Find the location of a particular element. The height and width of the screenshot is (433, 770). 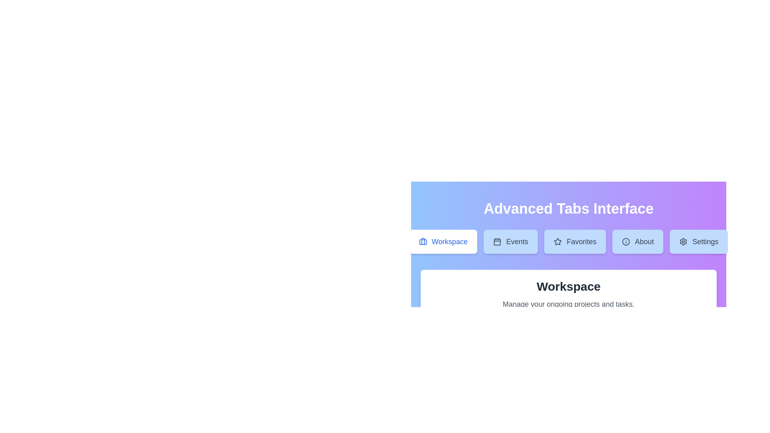

the settings icon located at the top-right section of the interface is located at coordinates (683, 241).